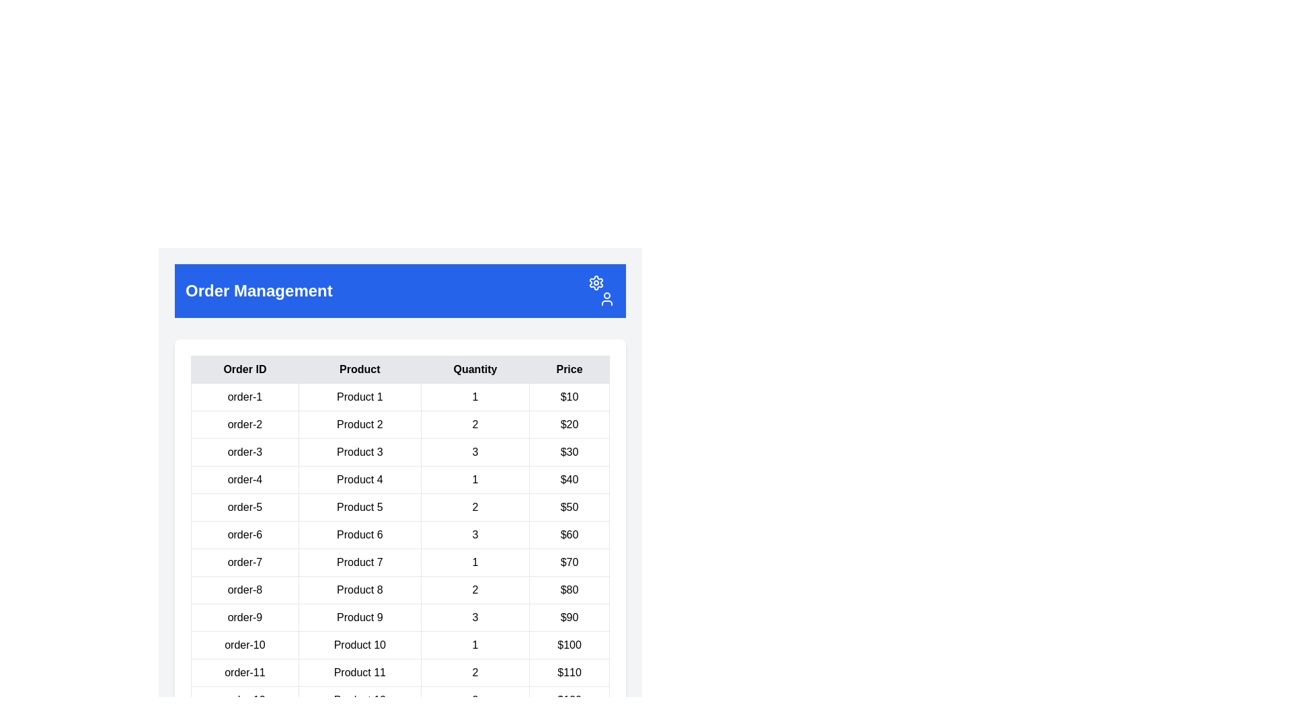  I want to click on the static text element displaying 'Product 2' in the second column of the data table, which is located in the second row, so click(360, 425).